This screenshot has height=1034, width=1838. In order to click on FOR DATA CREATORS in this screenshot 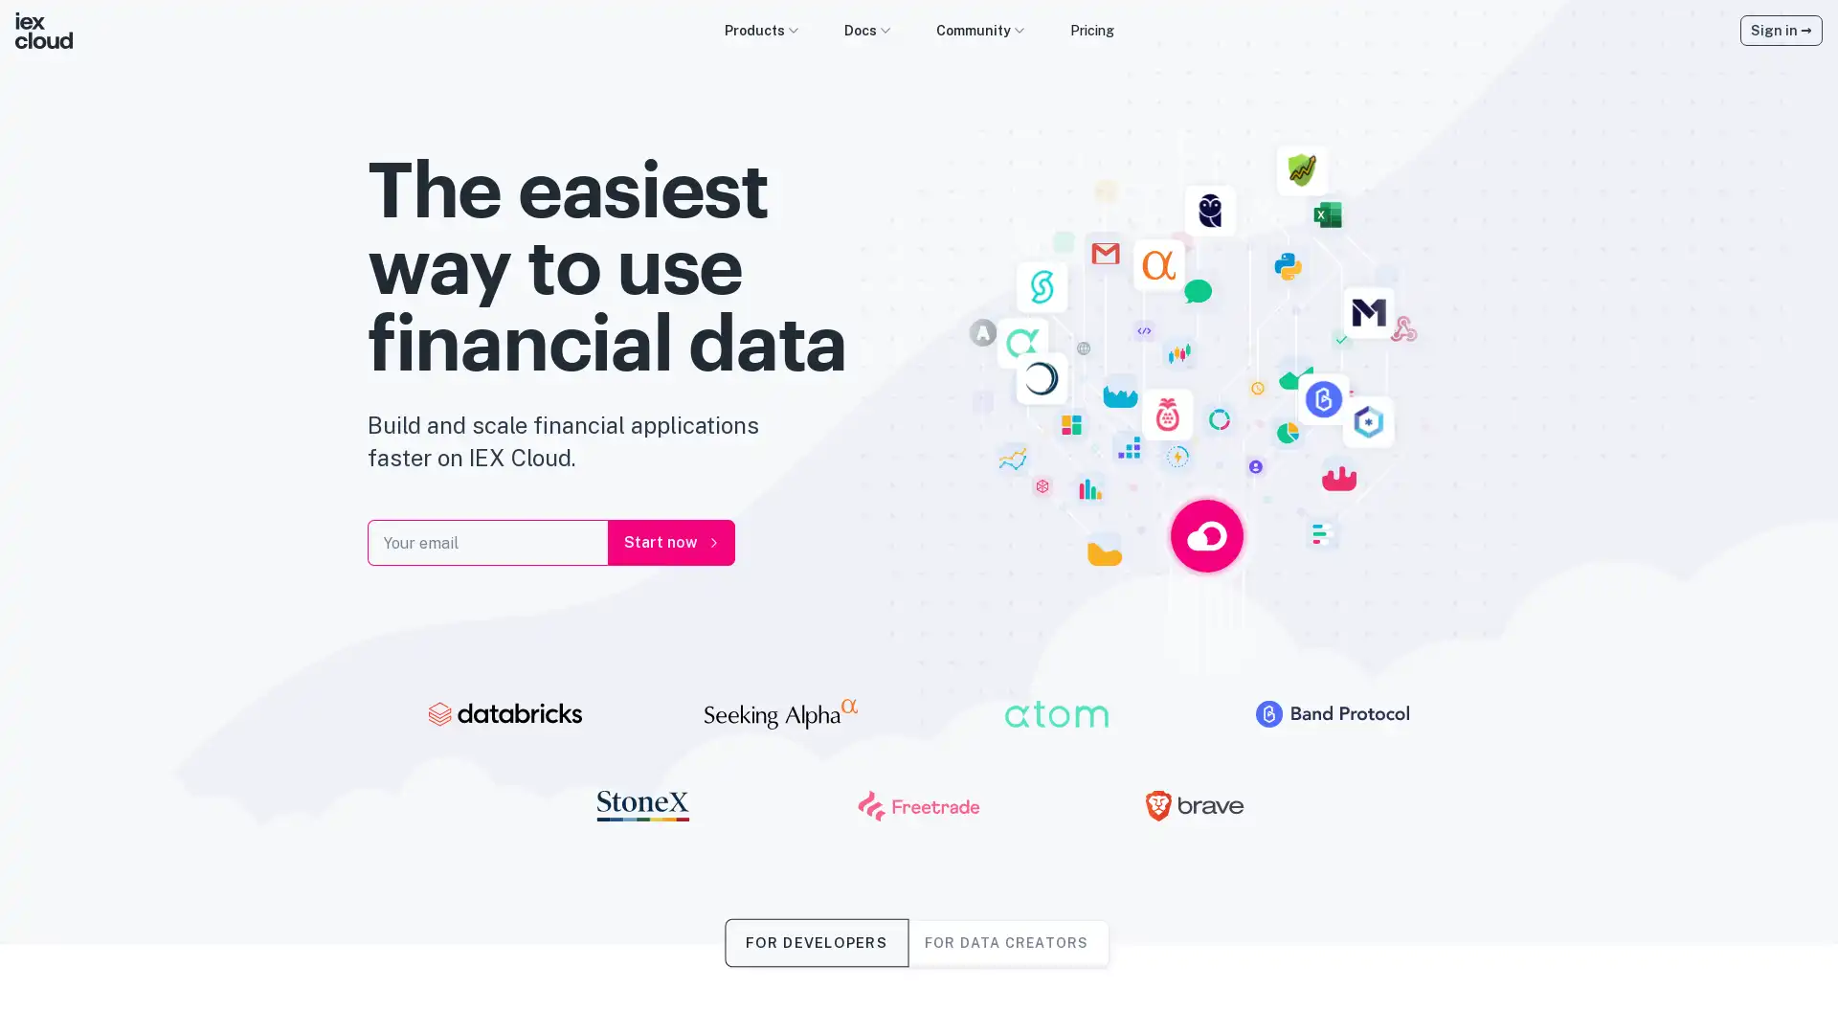, I will do `click(1005, 941)`.